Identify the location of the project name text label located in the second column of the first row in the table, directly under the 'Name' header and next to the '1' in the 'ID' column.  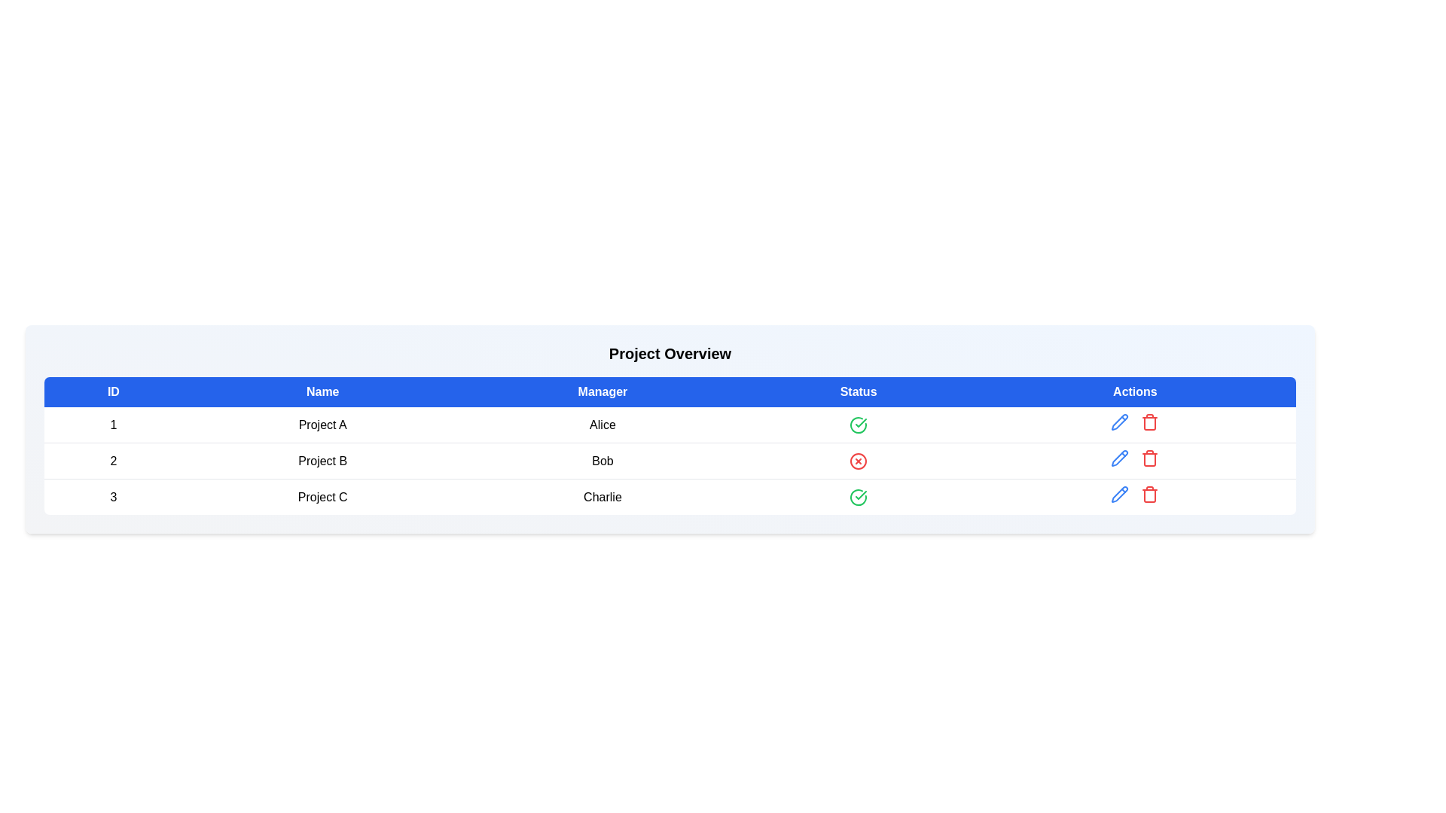
(322, 425).